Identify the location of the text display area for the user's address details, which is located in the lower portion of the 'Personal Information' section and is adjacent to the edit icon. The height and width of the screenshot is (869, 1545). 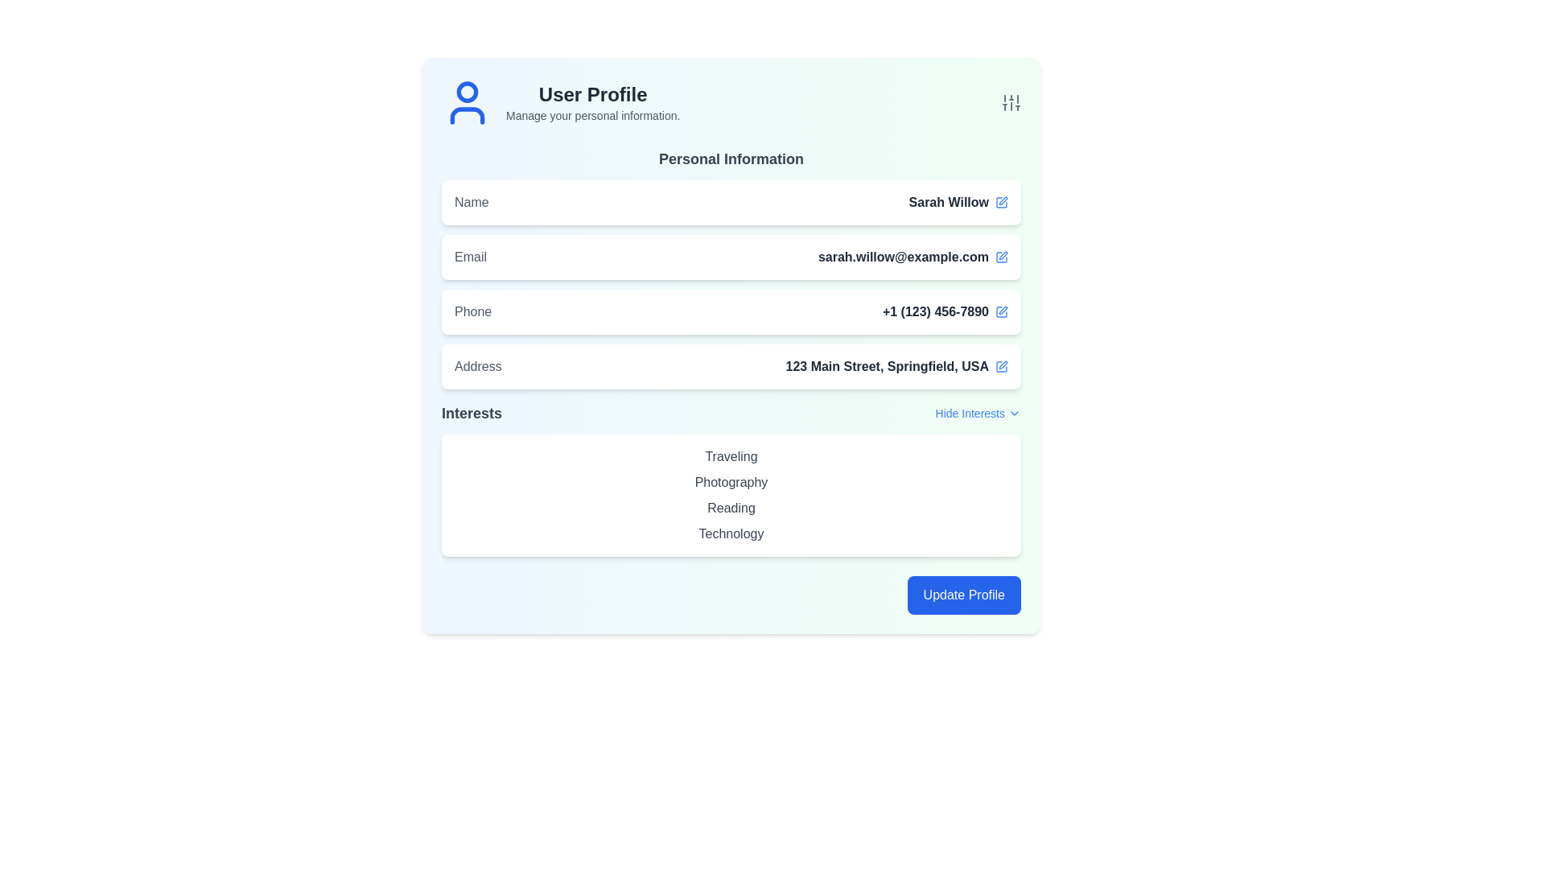
(896, 366).